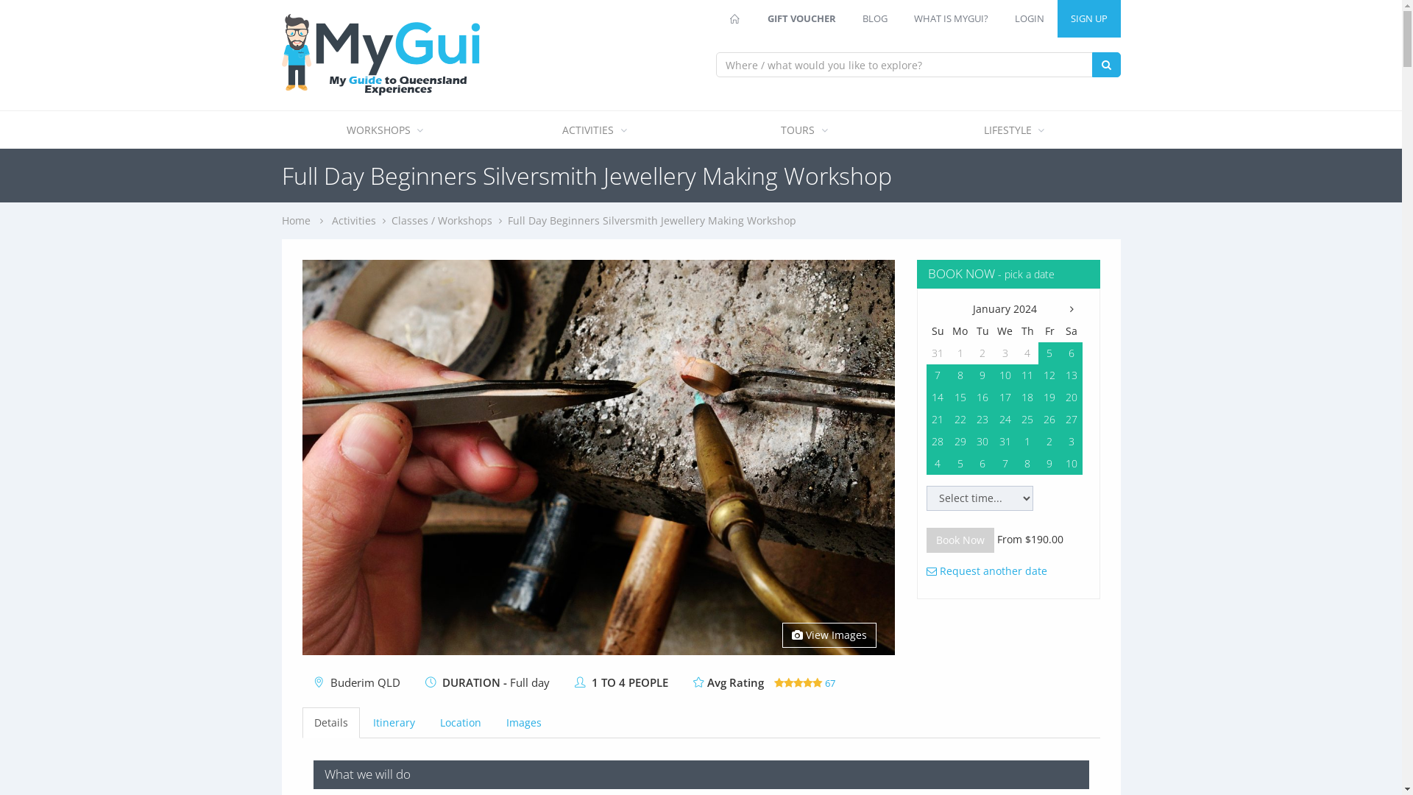 This screenshot has width=1413, height=795. What do you see at coordinates (294, 220) in the screenshot?
I see `'Home'` at bounding box center [294, 220].